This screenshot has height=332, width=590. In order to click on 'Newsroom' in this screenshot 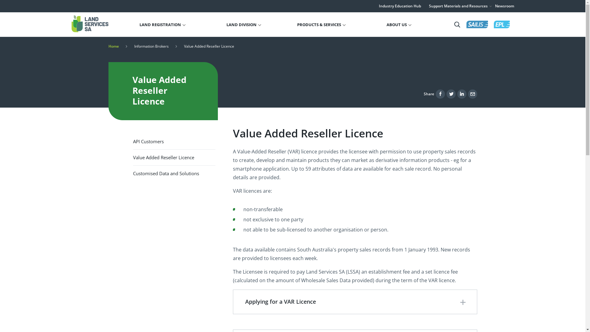, I will do `click(504, 6)`.